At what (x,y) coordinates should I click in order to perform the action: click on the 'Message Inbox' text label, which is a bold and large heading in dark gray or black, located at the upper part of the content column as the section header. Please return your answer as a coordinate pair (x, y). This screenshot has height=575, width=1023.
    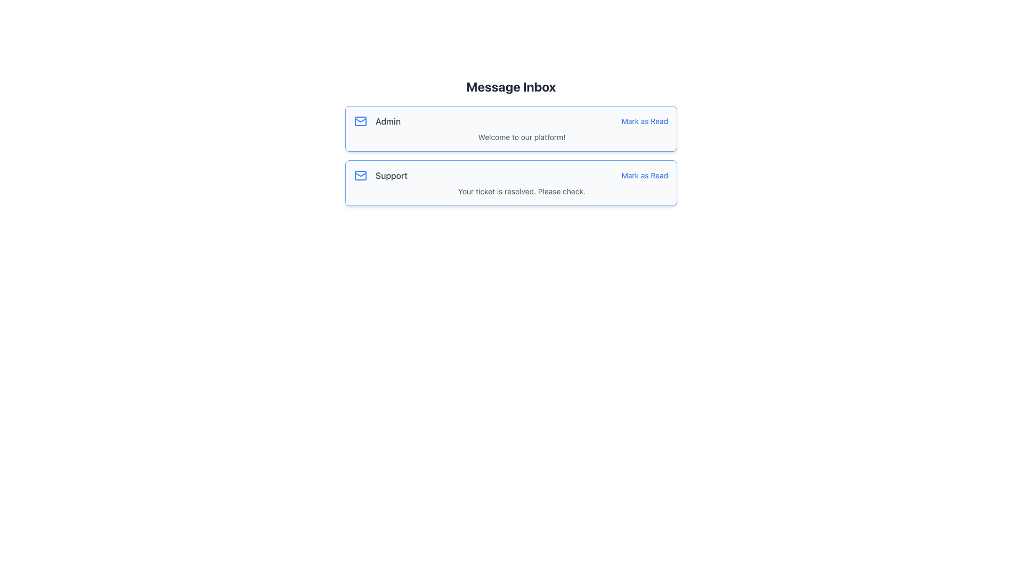
    Looking at the image, I should click on (510, 86).